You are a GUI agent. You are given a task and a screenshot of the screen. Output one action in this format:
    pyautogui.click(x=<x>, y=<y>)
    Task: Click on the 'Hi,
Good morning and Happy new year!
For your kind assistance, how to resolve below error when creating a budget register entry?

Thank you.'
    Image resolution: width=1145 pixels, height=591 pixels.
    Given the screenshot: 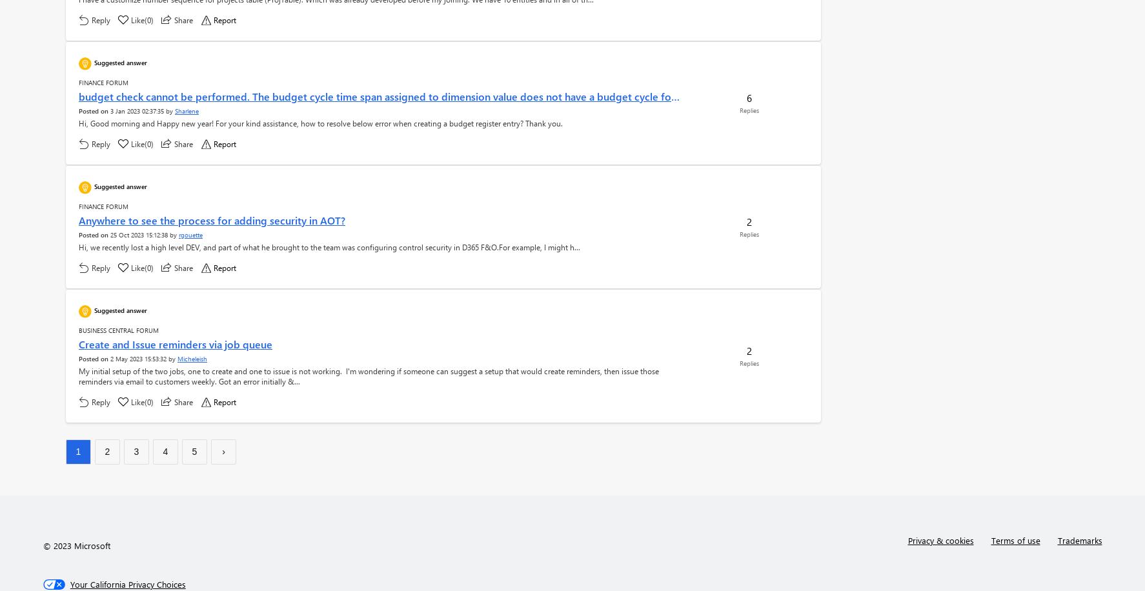 What is the action you would take?
    pyautogui.click(x=79, y=122)
    